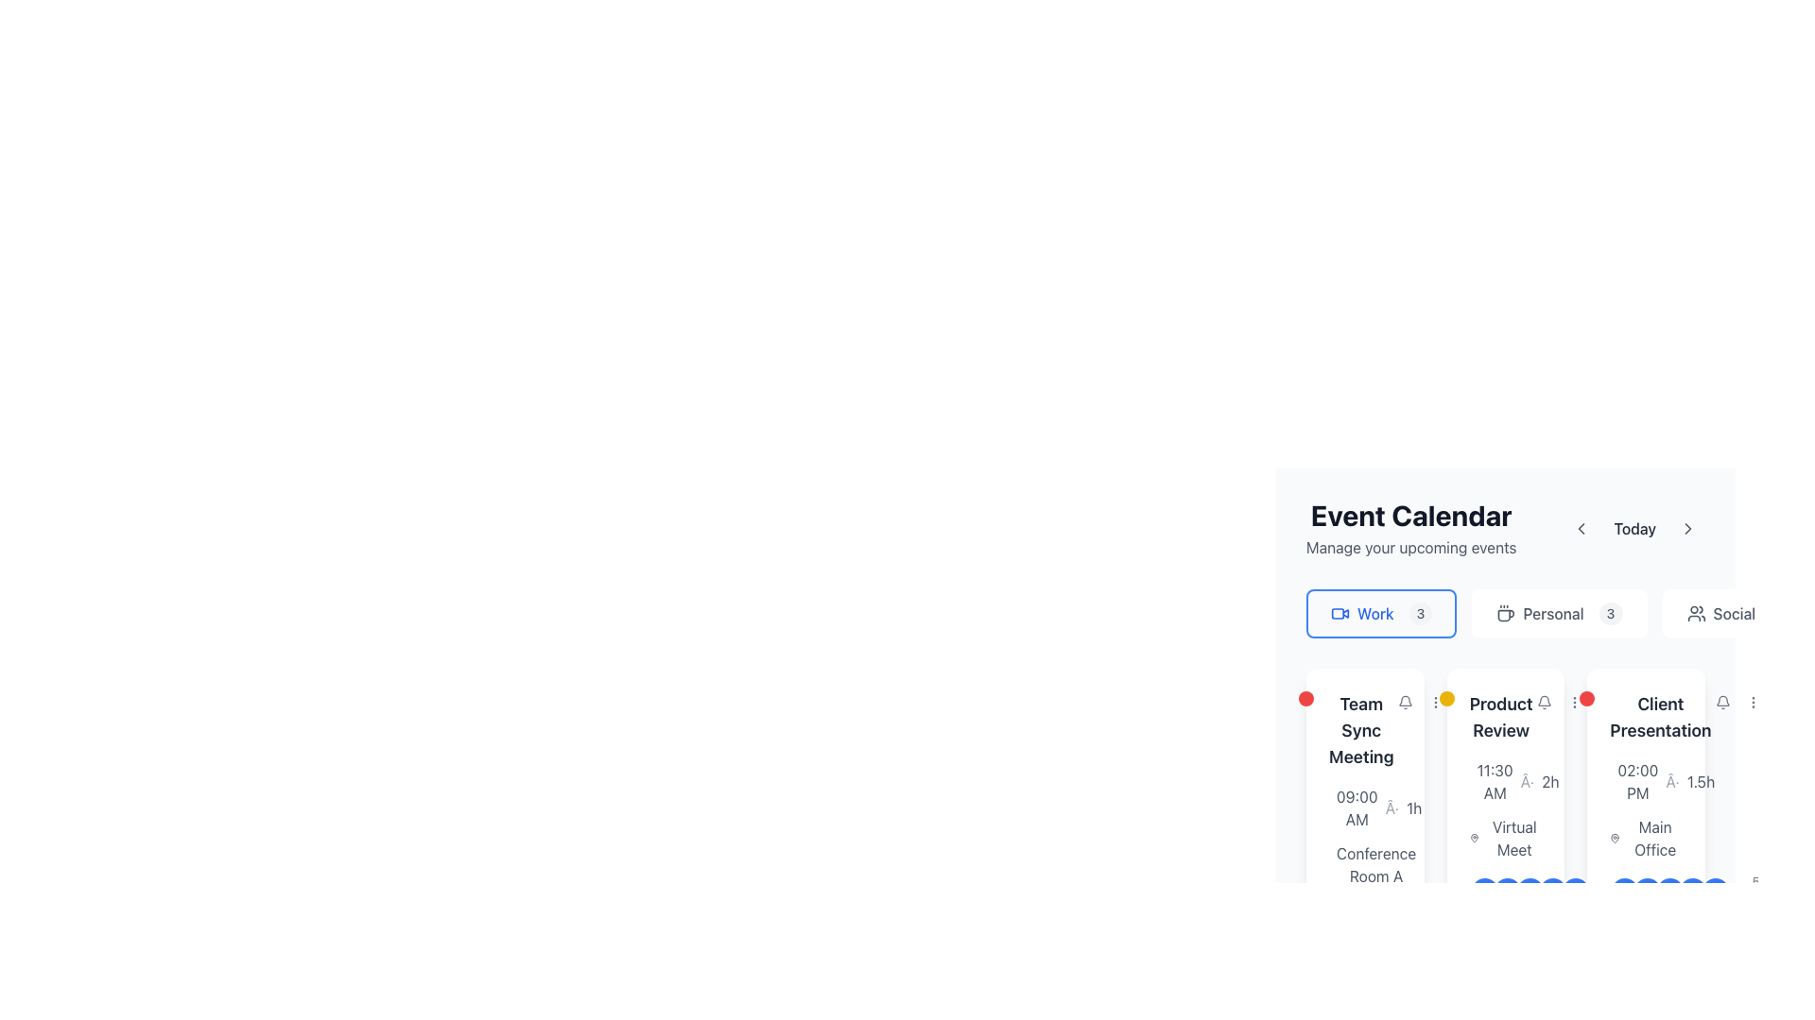 This screenshot has height=1020, width=1815. What do you see at coordinates (1645, 717) in the screenshot?
I see `the text label that serves as the heading for the event card, located in the top-right section of the third card, above the time information and to the right of the left-side indicator` at bounding box center [1645, 717].